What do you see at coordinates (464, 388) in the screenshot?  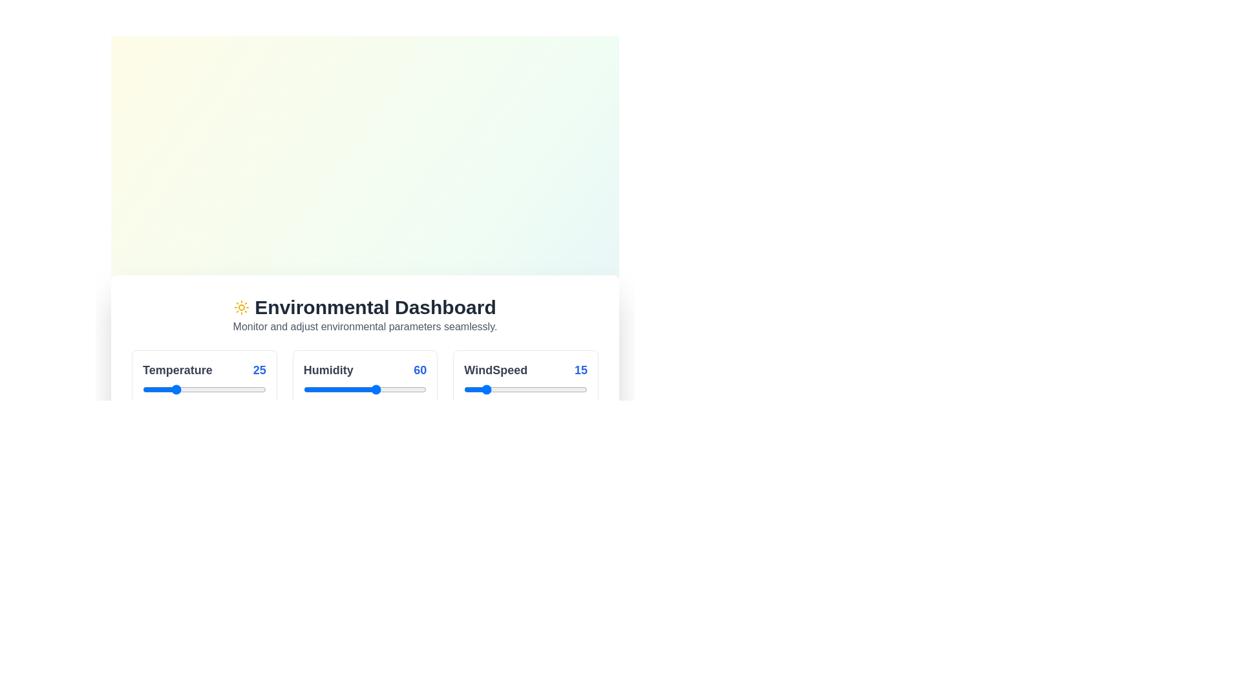 I see `the Wind Speed slider` at bounding box center [464, 388].